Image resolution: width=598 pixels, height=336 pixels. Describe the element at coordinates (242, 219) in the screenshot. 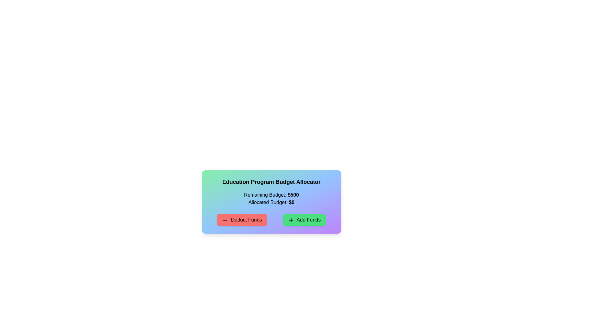

I see `the fund deduction button located at the bottom section of the interface, positioned to the left of the 'Add Funds' button` at that location.